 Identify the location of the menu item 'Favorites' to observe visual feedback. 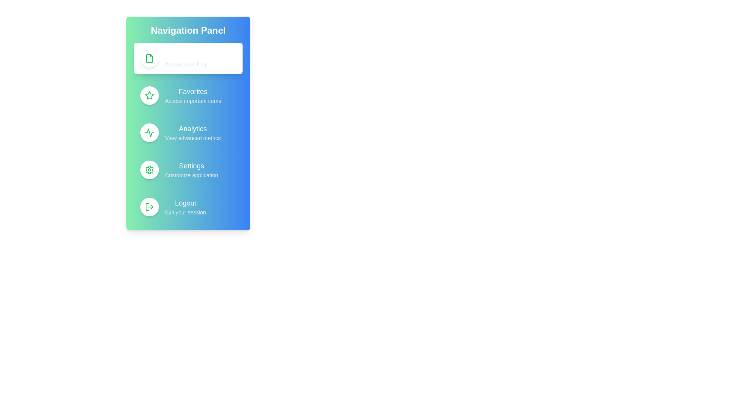
(188, 95).